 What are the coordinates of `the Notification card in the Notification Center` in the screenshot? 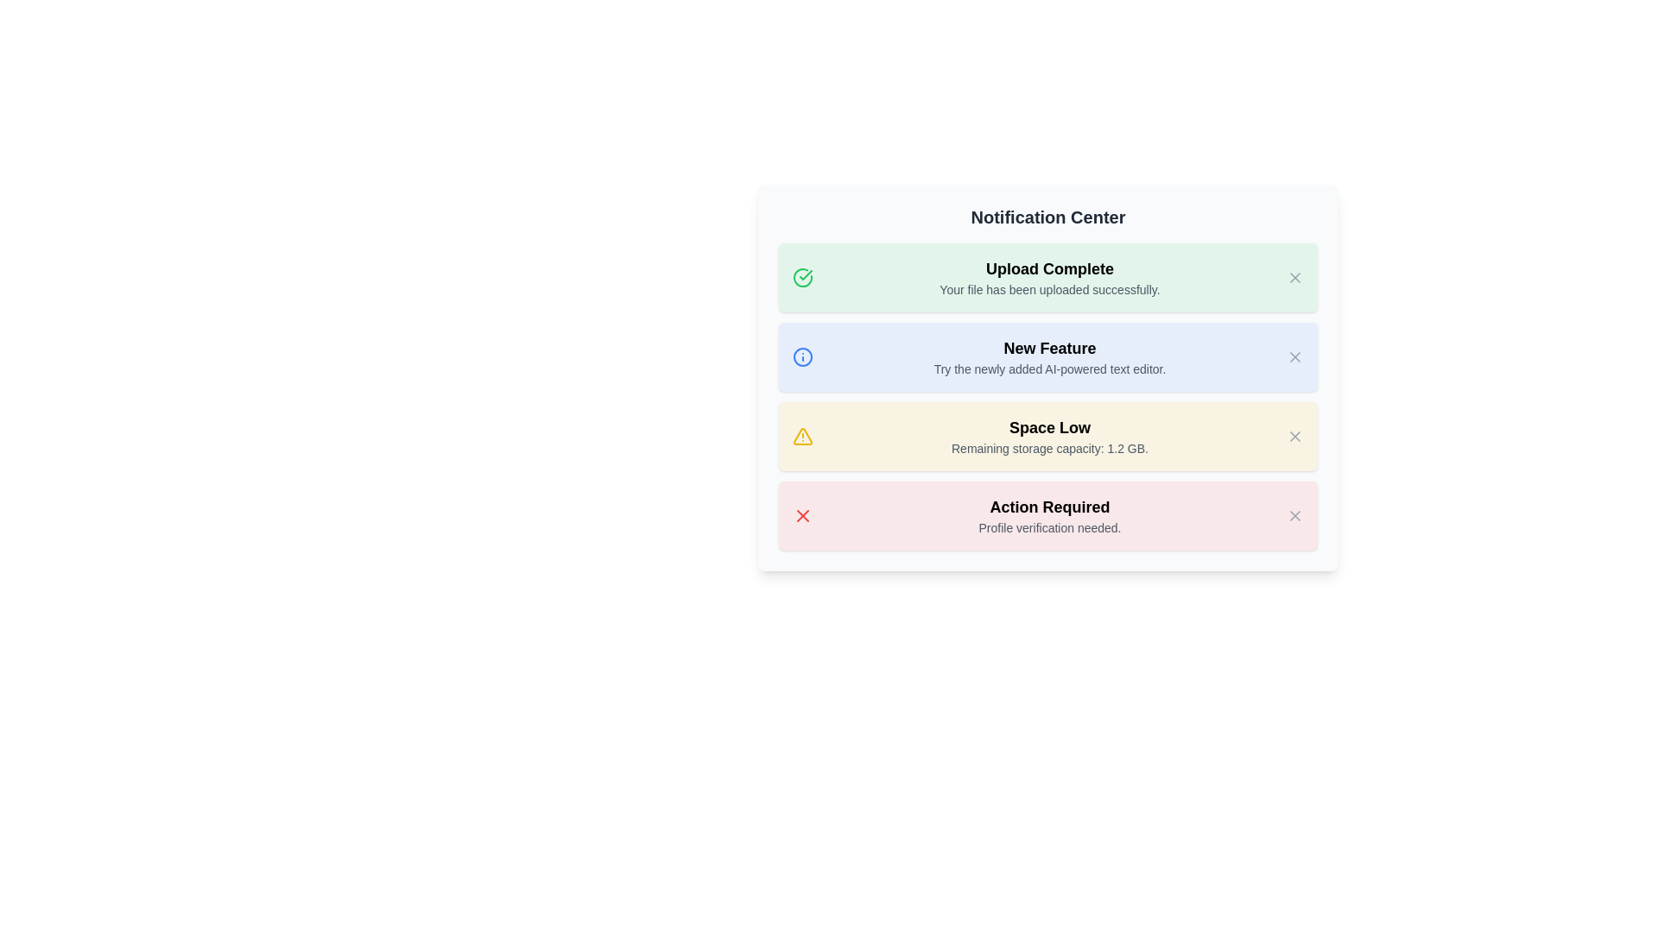 It's located at (1047, 276).